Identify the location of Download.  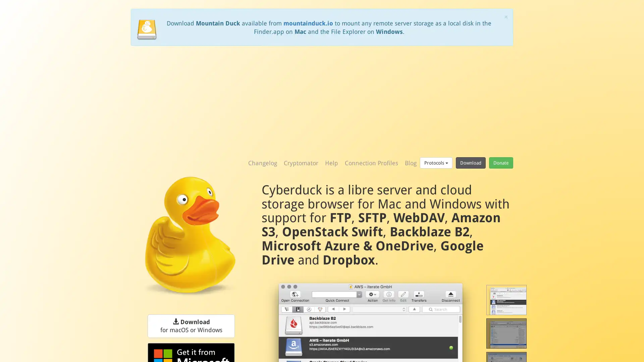
(470, 163).